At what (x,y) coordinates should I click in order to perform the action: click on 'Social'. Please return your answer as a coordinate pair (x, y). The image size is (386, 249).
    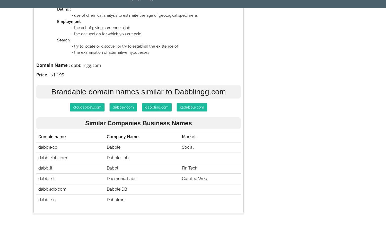
    Looking at the image, I should click on (187, 147).